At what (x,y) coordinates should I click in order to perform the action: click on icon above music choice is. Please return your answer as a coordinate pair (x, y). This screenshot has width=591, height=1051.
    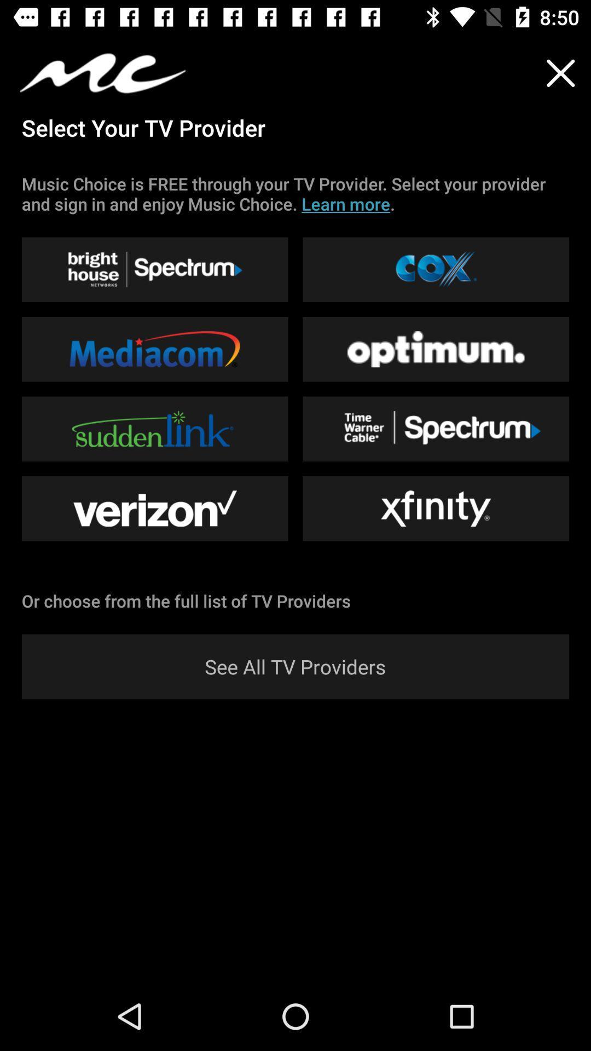
    Looking at the image, I should click on (560, 72).